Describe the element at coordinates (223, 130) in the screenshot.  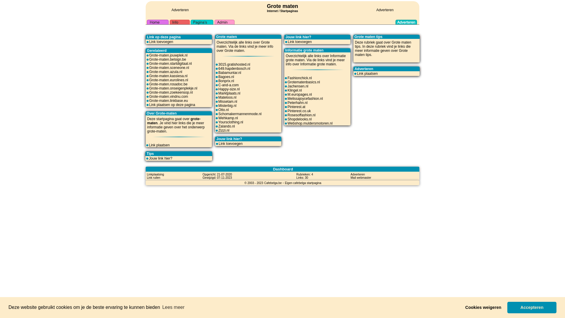
I see `'Zizzi.nl'` at that location.